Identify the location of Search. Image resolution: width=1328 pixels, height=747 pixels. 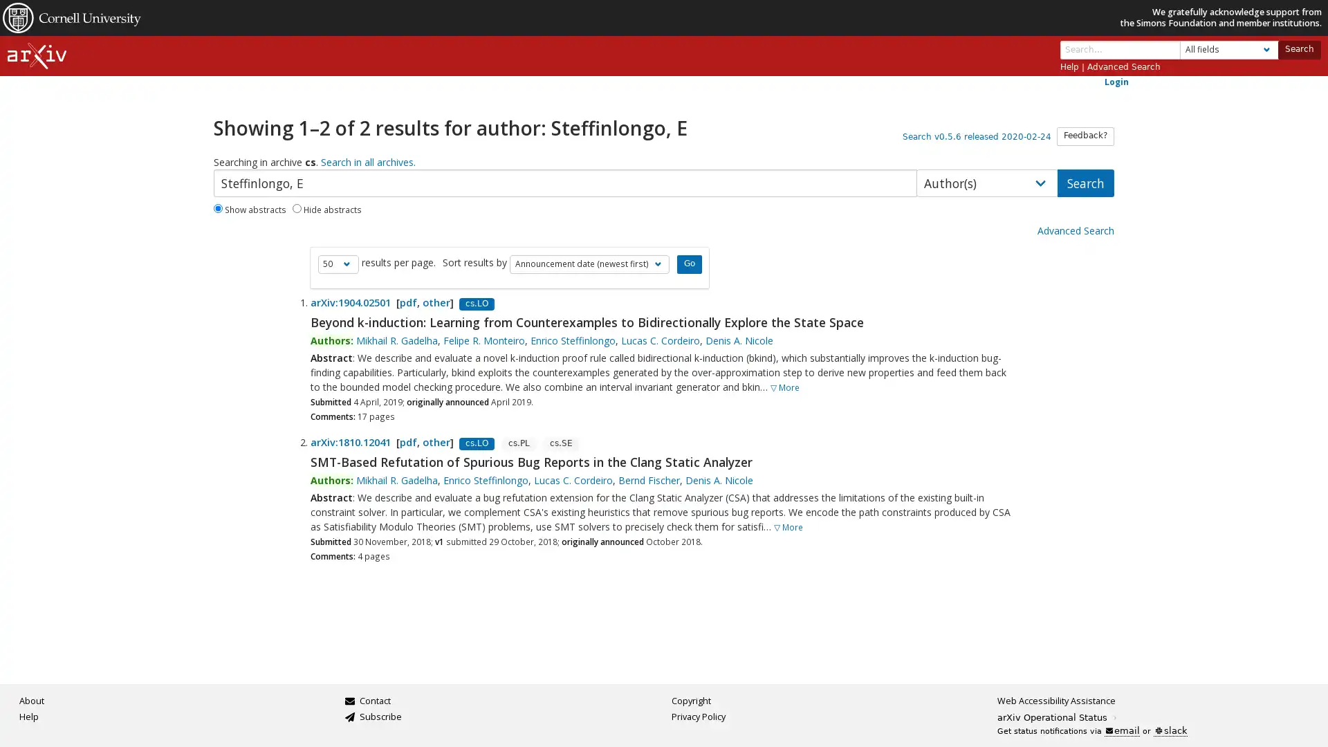
(1085, 182).